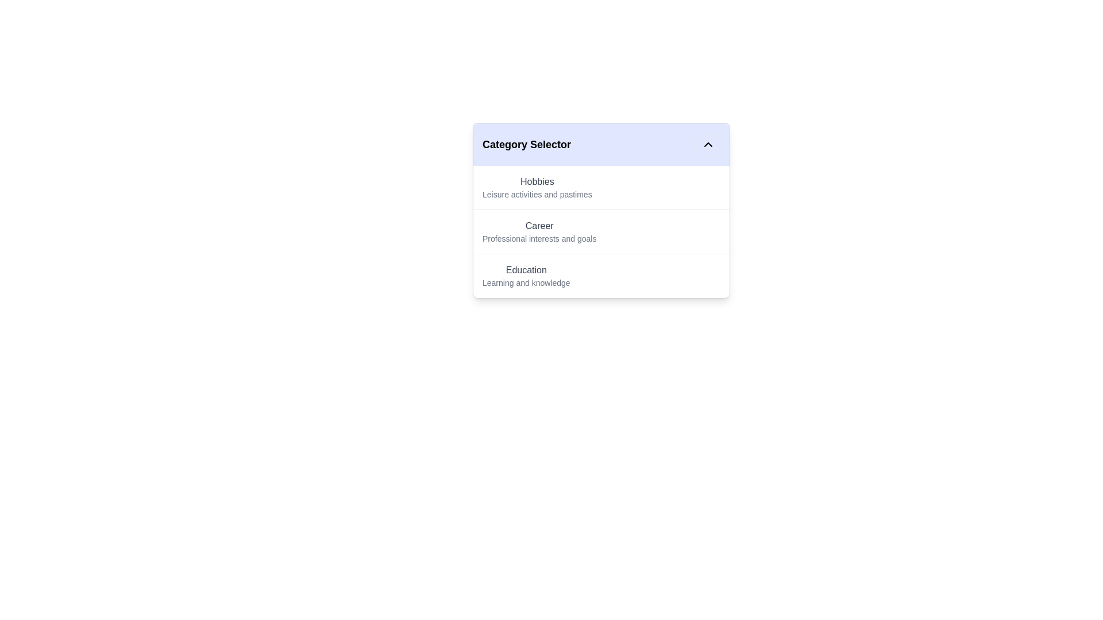  Describe the element at coordinates (539, 232) in the screenshot. I see `the 'Career' category label located in the 'Category Selector' menu, positioned between 'Hobbies' and 'Education'` at that location.